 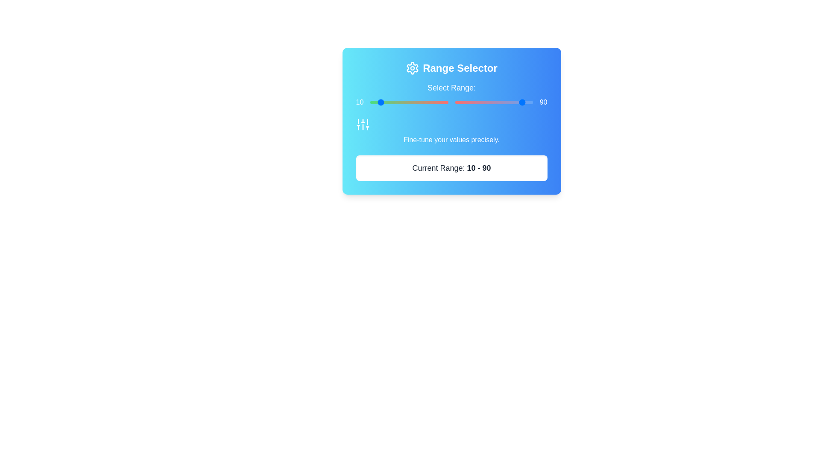 What do you see at coordinates (409, 102) in the screenshot?
I see `the slider to set the value to 24` at bounding box center [409, 102].